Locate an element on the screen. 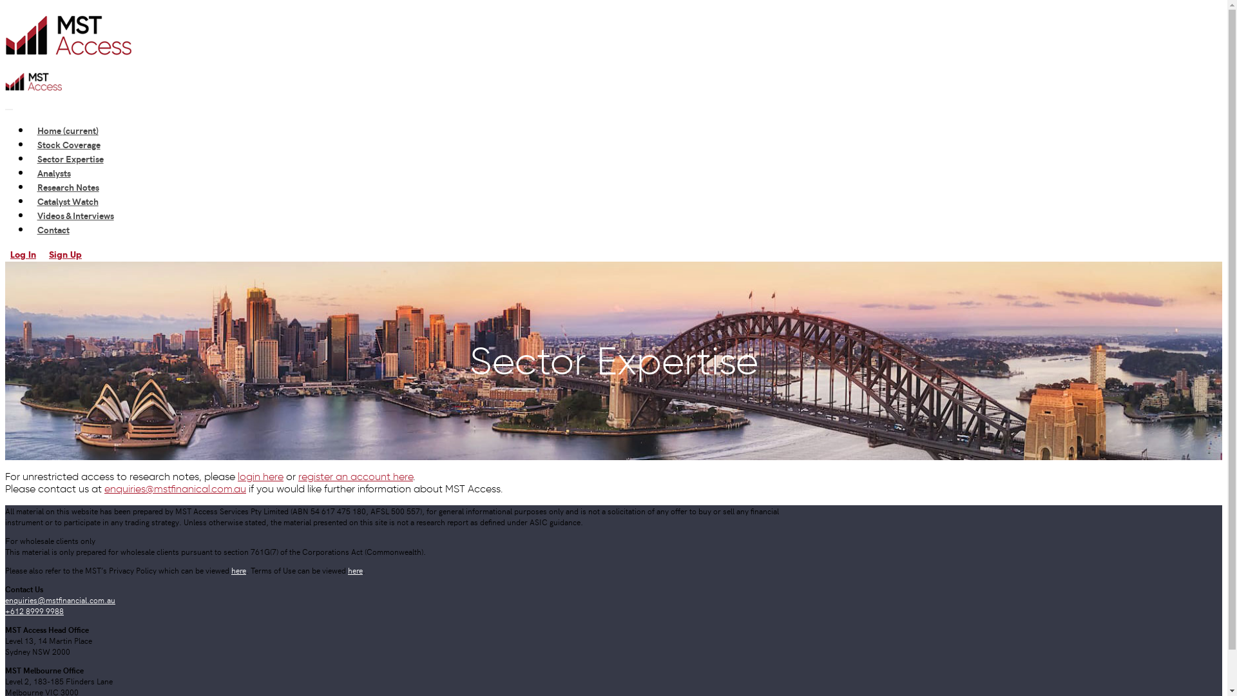 The width and height of the screenshot is (1237, 696). 'Videos & Interviews' is located at coordinates (74, 215).